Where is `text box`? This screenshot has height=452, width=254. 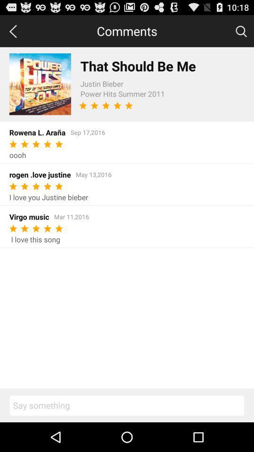
text box is located at coordinates (127, 405).